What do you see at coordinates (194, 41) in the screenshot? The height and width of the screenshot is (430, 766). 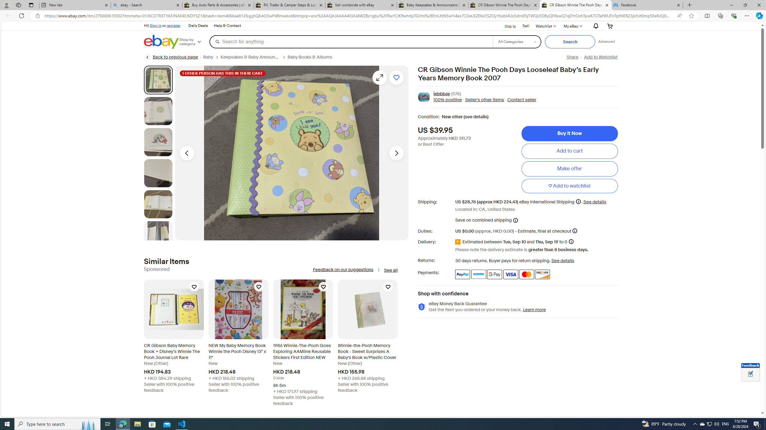 I see `'Shop by category'` at bounding box center [194, 41].